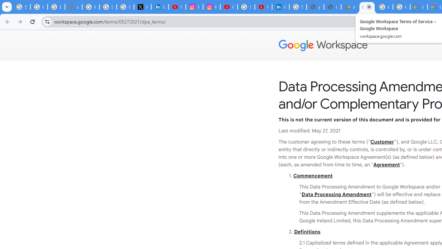  Describe the element at coordinates (74, 7) in the screenshot. I see `'support.google.com - Network error'` at that location.